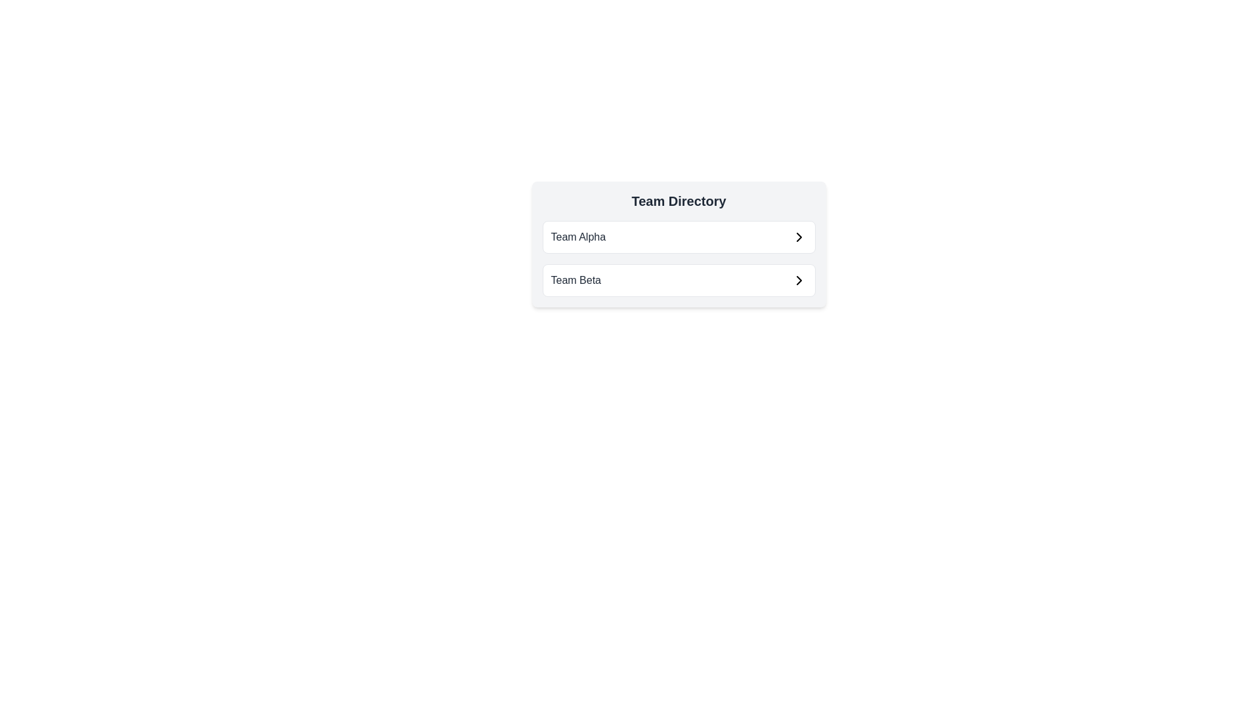 The height and width of the screenshot is (708, 1260). Describe the element at coordinates (576, 280) in the screenshot. I see `text of the label identifying 'Team Beta' located below 'Team Alpha' in the team names list` at that location.